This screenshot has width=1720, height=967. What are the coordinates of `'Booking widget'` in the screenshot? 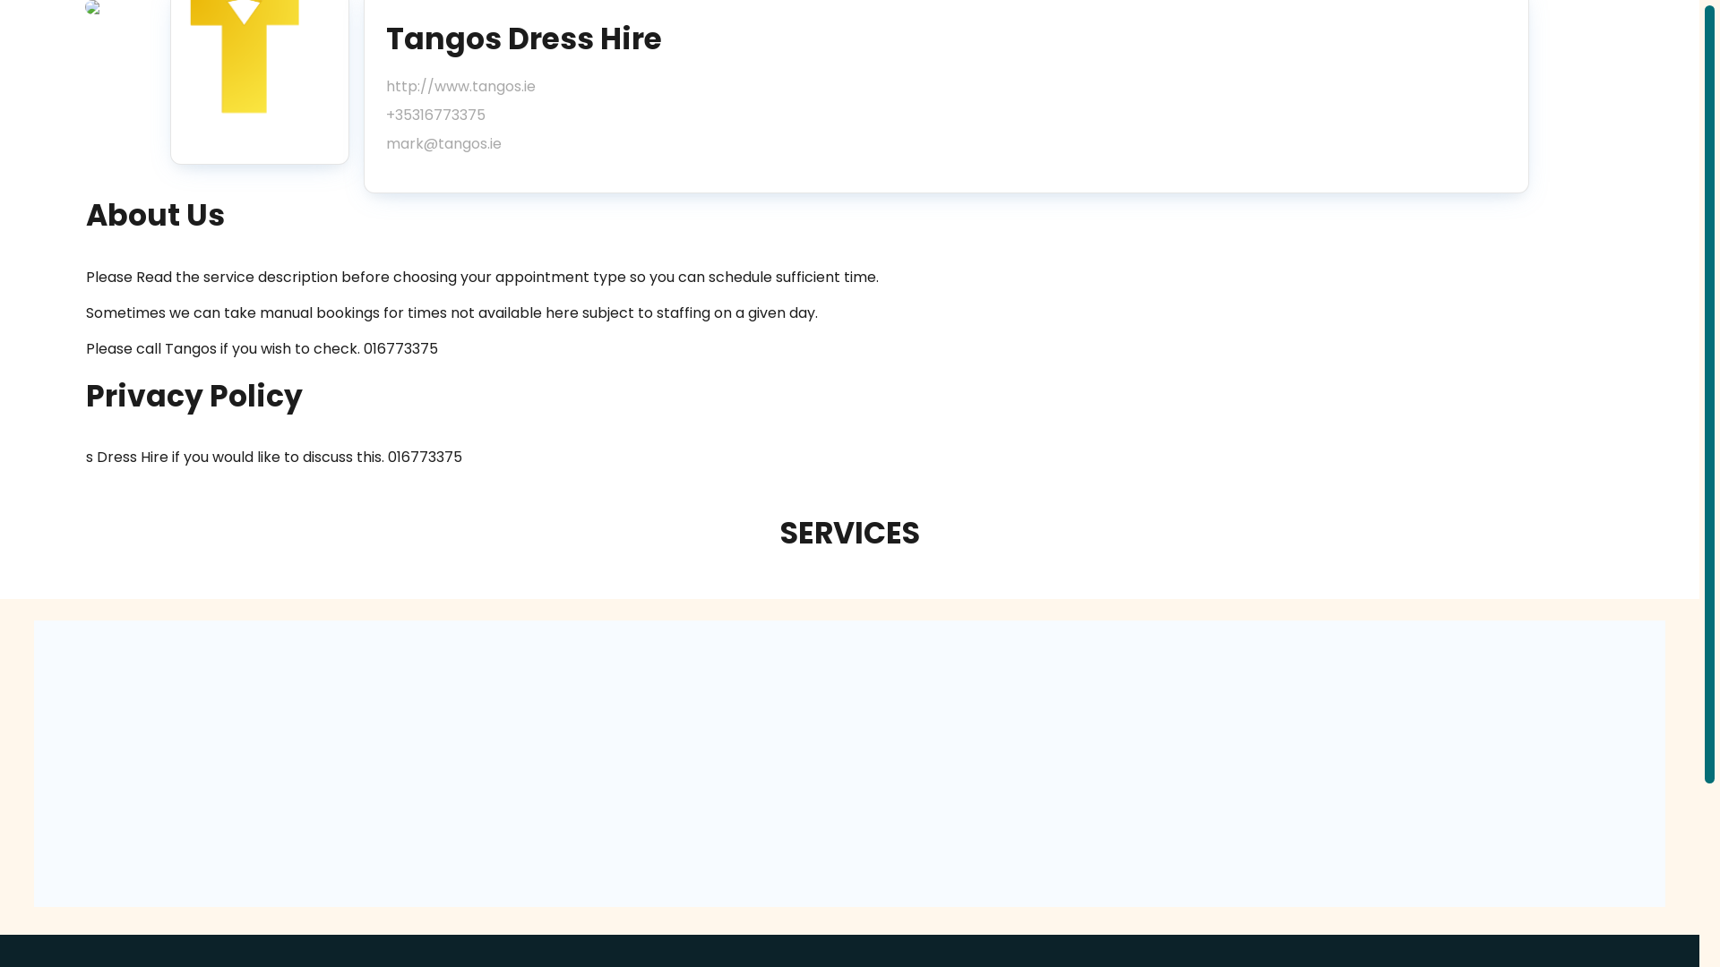 It's located at (848, 763).